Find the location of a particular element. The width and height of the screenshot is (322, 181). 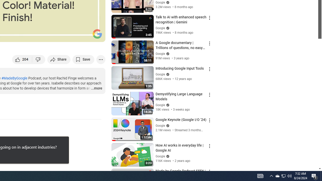

'Share' is located at coordinates (59, 59).